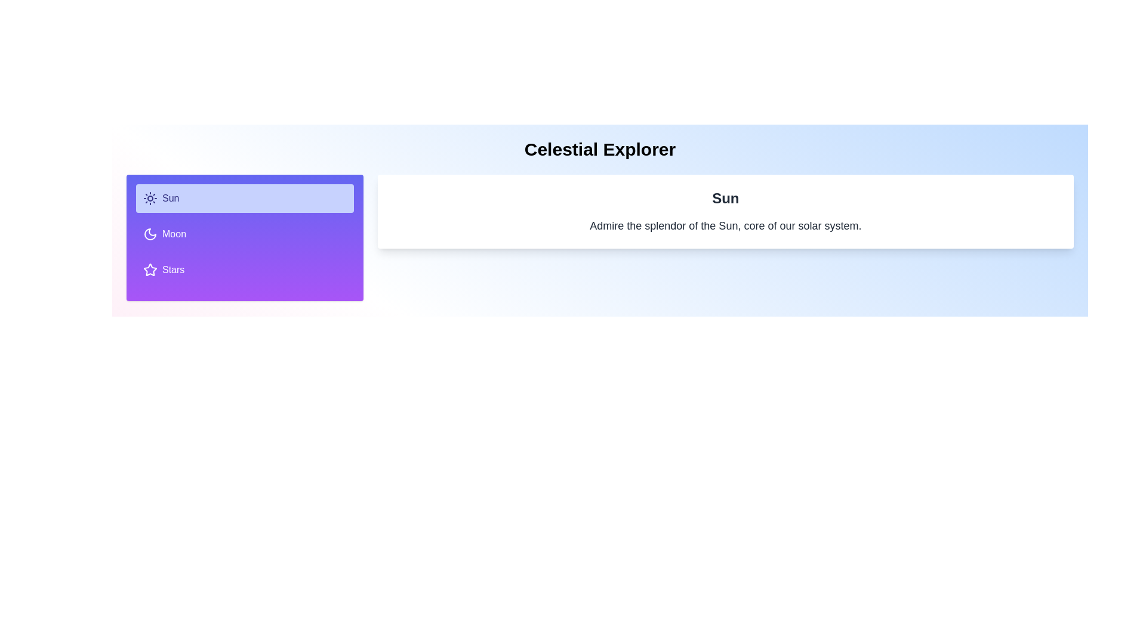  I want to click on the tab labeled 'Moon' to observe the hover effect, so click(244, 234).